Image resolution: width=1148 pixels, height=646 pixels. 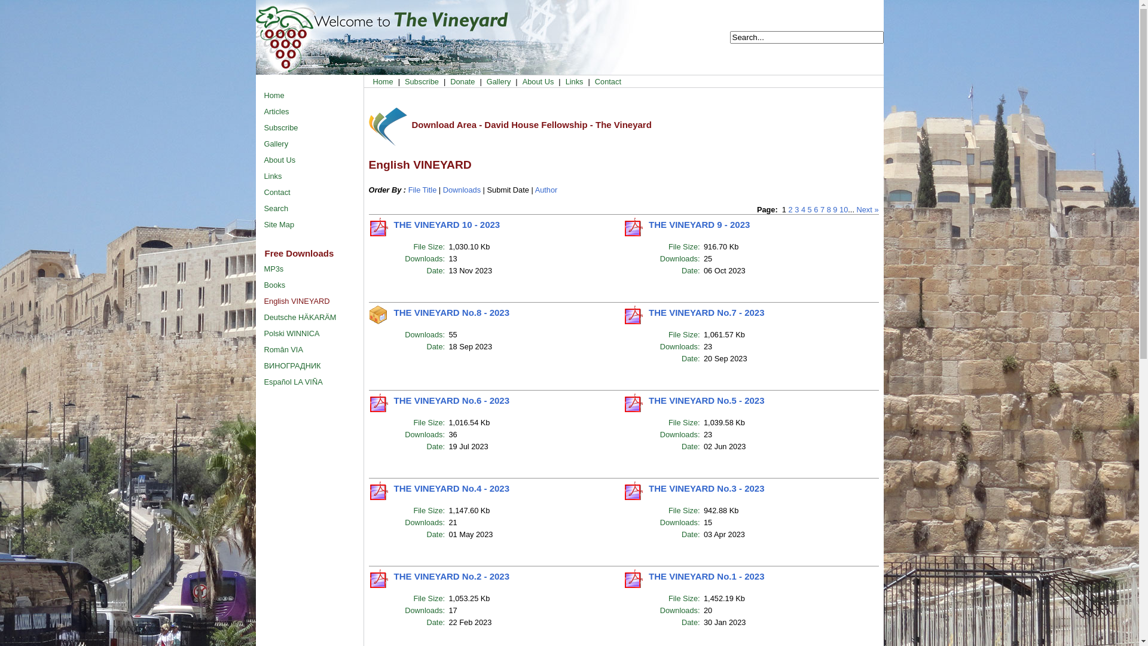 What do you see at coordinates (832, 209) in the screenshot?
I see `'9'` at bounding box center [832, 209].